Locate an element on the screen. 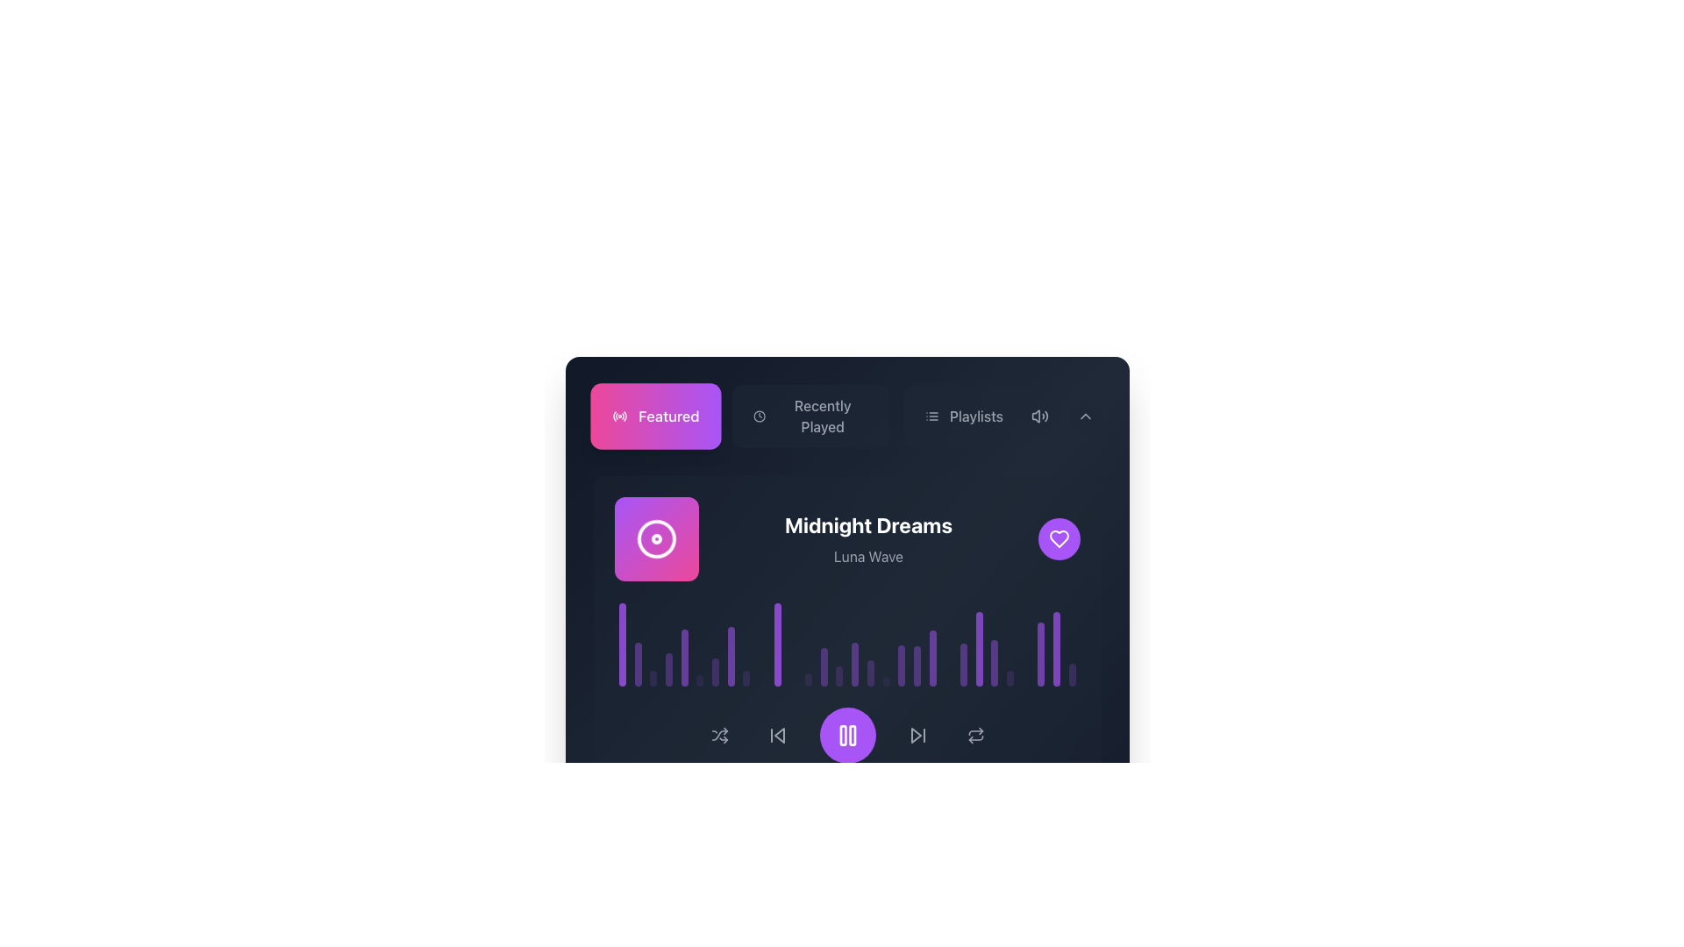  the 'Playlists' text label, which is displayed in white on a dark background and is part of a horizontal navigation panel is located at coordinates (975, 416).